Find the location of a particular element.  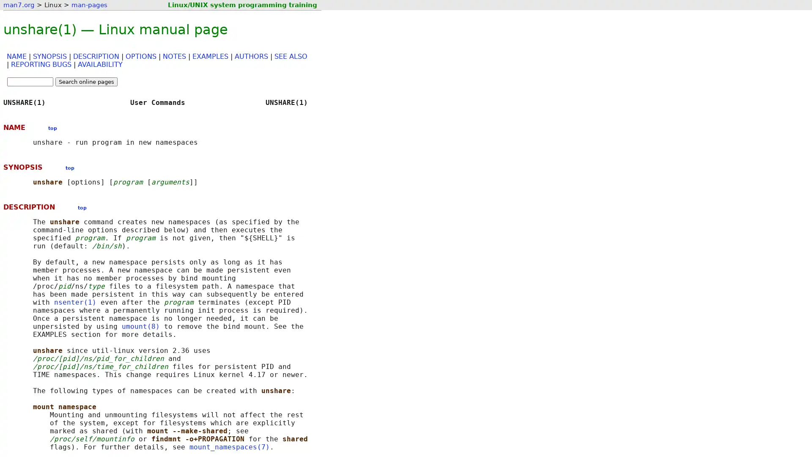

Search online pages is located at coordinates (86, 82).